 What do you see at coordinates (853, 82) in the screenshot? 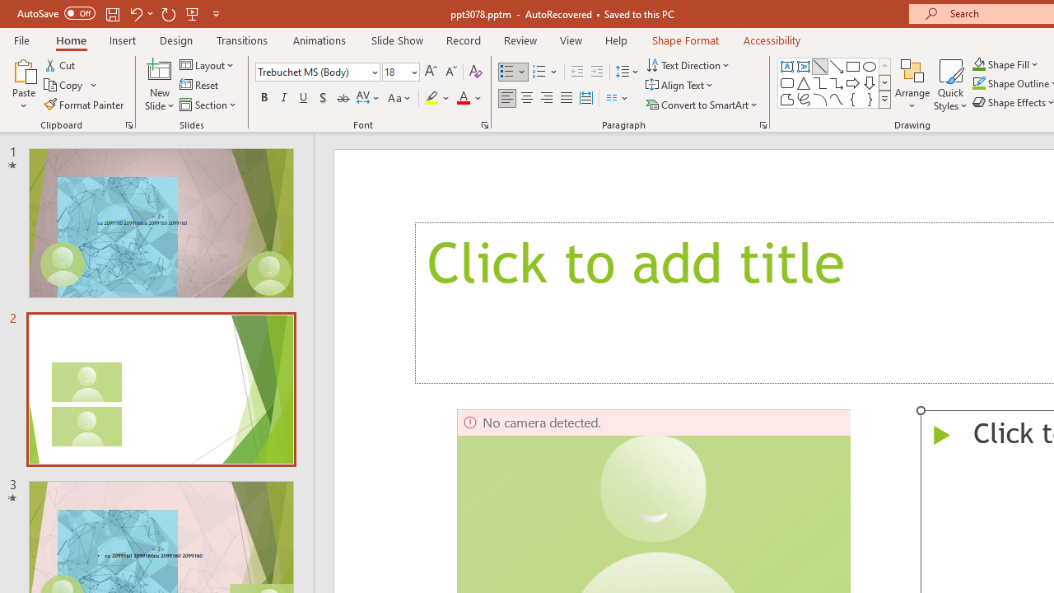
I see `'Arrow: Right'` at bounding box center [853, 82].